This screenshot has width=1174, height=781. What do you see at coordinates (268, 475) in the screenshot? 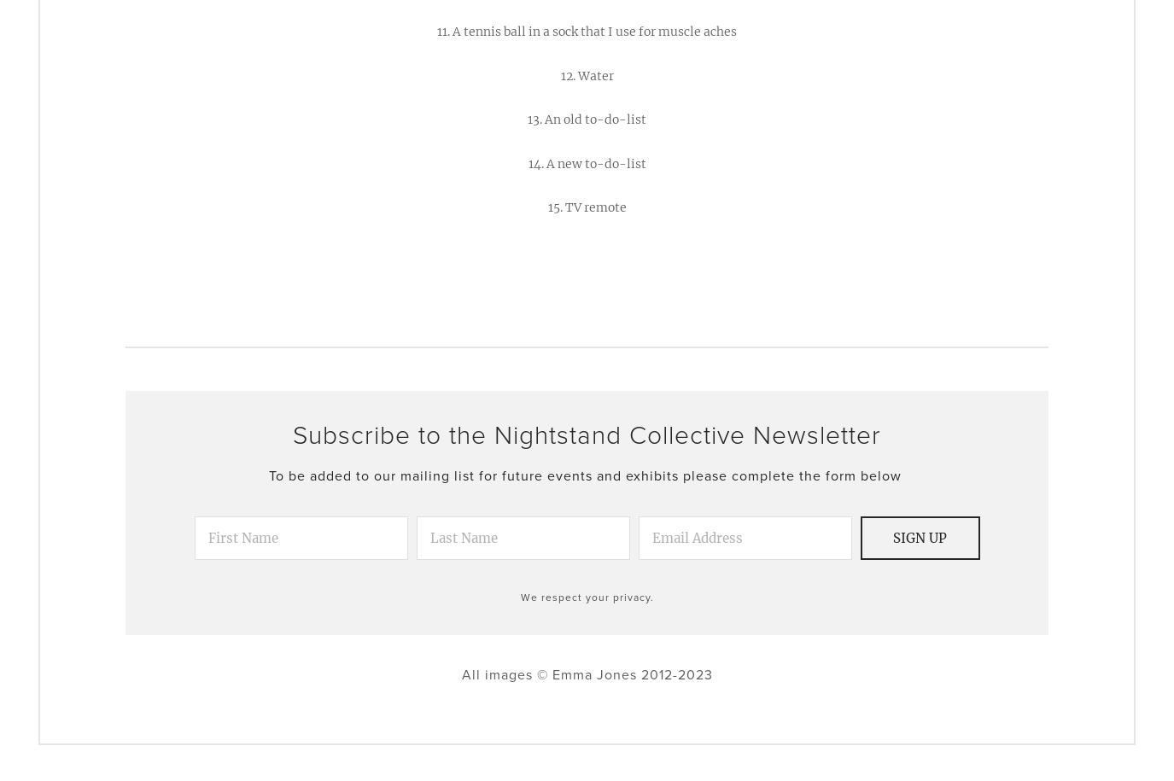
I see `'To be added to our mailing list for future events and exhibits please complete the form below'` at bounding box center [268, 475].